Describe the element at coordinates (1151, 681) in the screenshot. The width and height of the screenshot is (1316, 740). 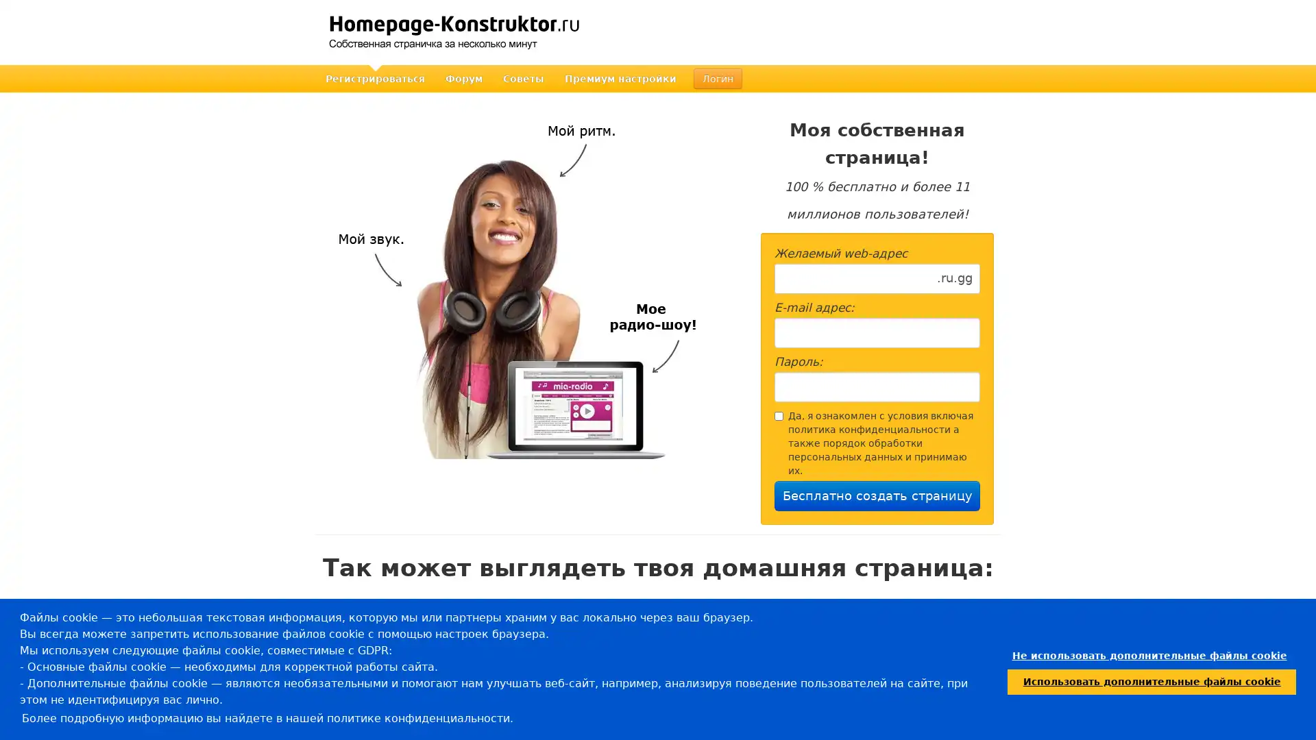
I see `allow cookies` at that location.